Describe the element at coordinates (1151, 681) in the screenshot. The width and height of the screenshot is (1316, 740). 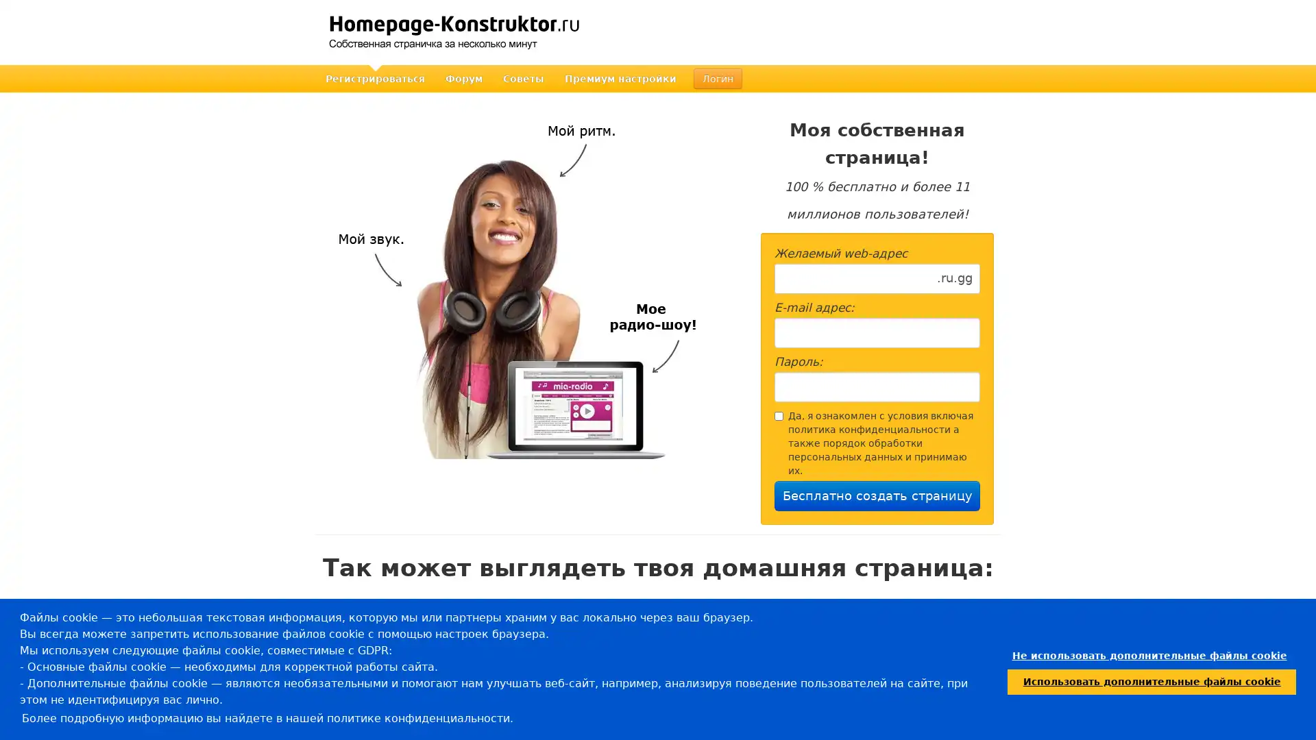
I see `allow cookies` at that location.